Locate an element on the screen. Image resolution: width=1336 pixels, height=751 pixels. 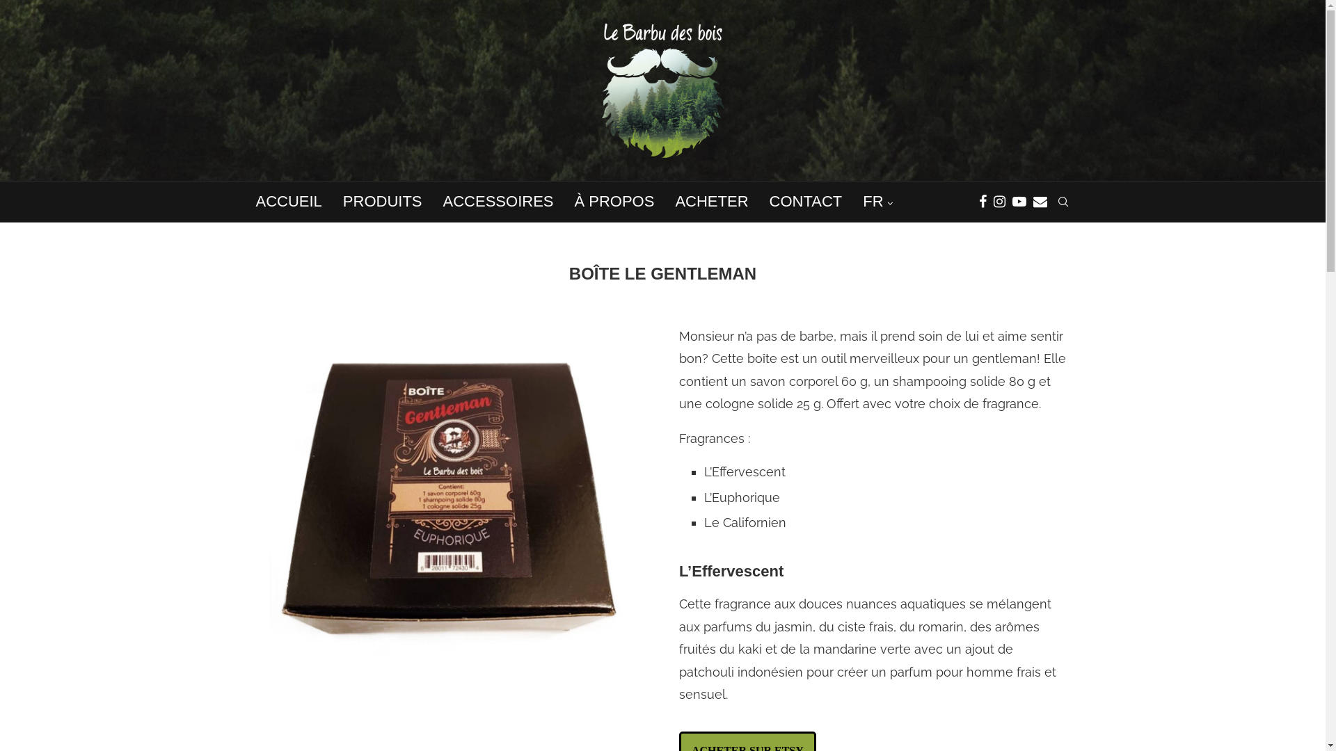
'PRODUITS' is located at coordinates (383, 201).